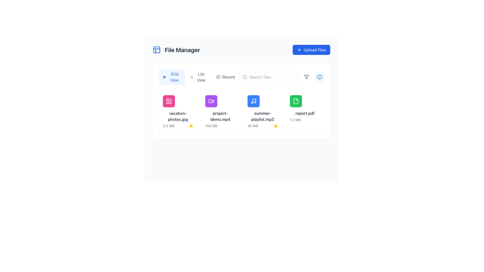 This screenshot has width=484, height=272. I want to click on the 'recent' Text label located to the right of the small clock icon in the toolbar near the top center of the application interface, so click(228, 77).